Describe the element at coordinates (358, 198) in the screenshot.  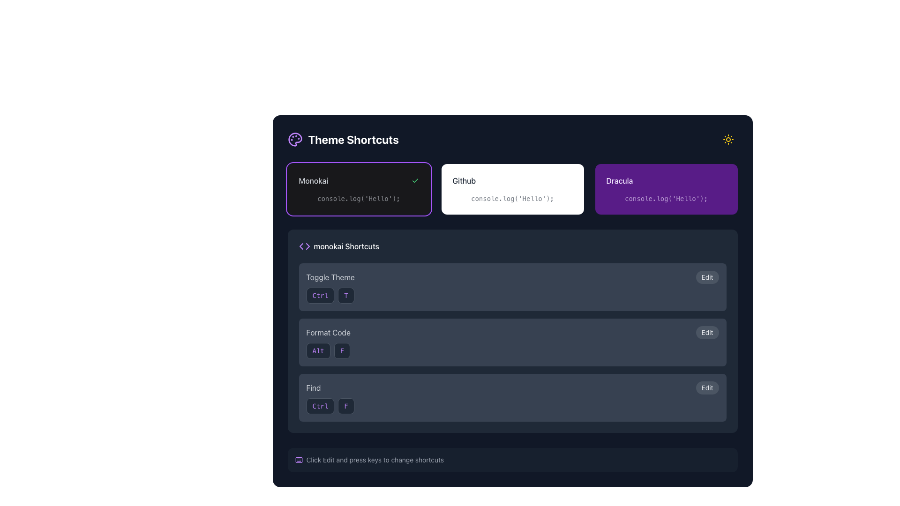
I see `the static text or code snippet display element located inside the 'Monokai' card, positioned at the lower portion beneath the card's label` at that location.